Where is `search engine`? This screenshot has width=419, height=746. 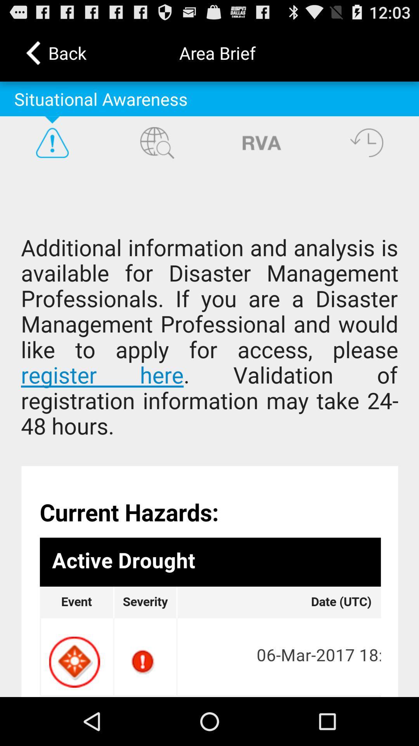 search engine is located at coordinates (157, 143).